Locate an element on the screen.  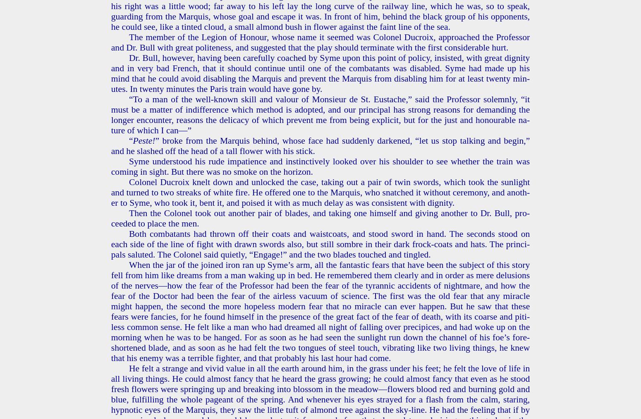
'Dr. Bull, how­ev­er, hav­ing been care­ful­ly coached by Syme upon this point of pol­i­cy, in­sist­ed, with great dig­ni­ty and in very bad French, that it should con­tin­ue until one of the com­bat­ants was dis­abled. Syme had made up his mind that he could avoid dis­abling the Mar­quis and pre­vent the Mar­quis from dis­abling him for at least twen­ty min­utes. In twen­ty min­utes the Paris train would have gone by.' is located at coordinates (110, 73).